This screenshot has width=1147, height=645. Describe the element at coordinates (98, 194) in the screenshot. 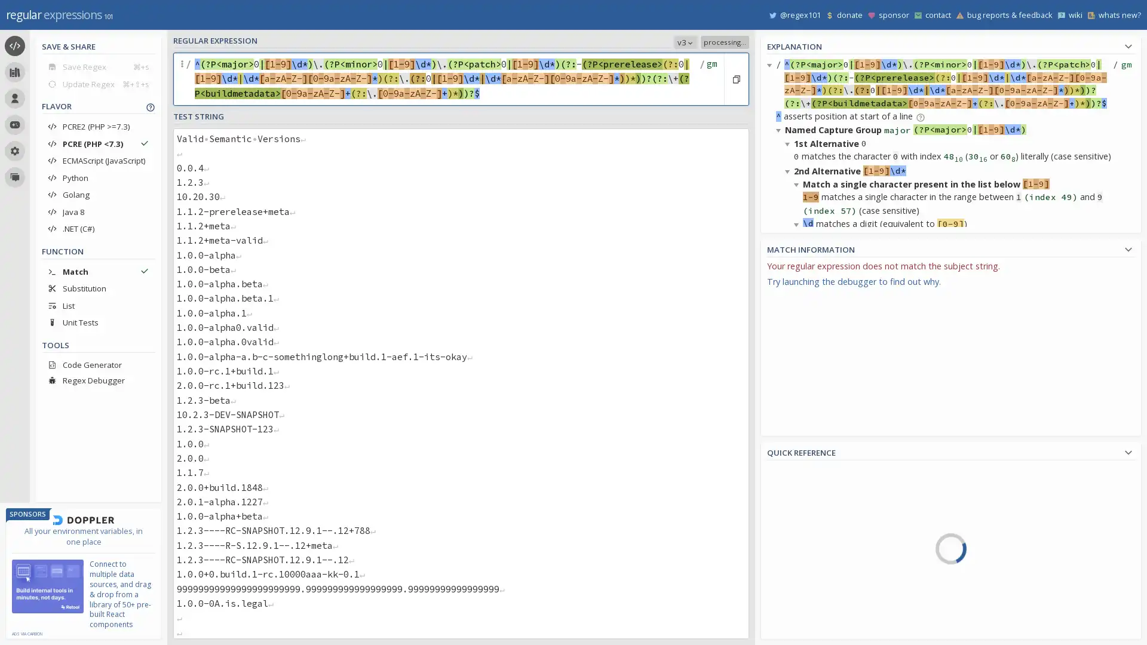

I see `Golang` at that location.